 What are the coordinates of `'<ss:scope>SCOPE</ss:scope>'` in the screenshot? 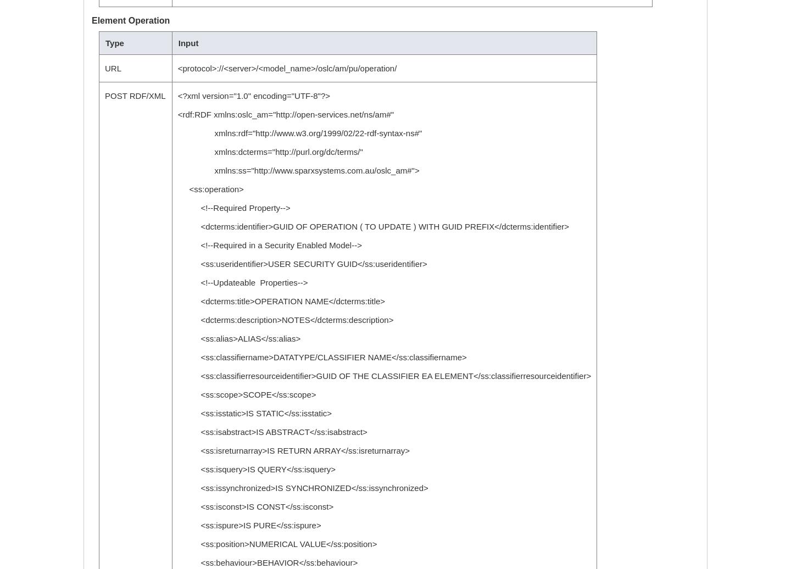 It's located at (246, 394).